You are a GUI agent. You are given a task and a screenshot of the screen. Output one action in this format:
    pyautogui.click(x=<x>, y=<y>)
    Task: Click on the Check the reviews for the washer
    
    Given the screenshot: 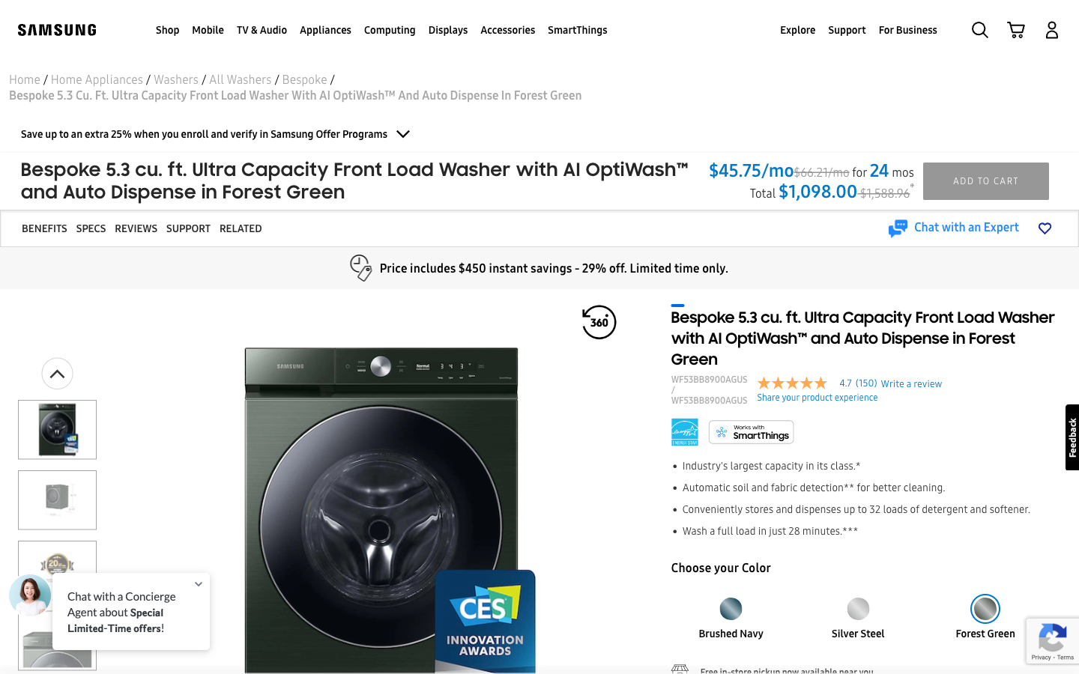 What is the action you would take?
    pyautogui.click(x=136, y=228)
    